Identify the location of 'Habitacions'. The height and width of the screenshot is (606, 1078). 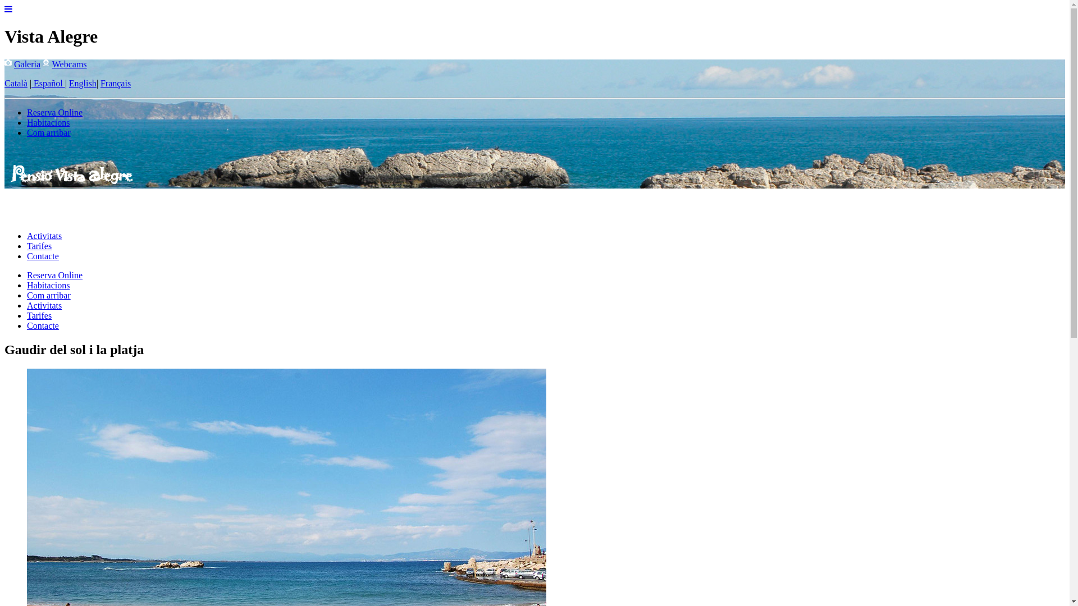
(48, 284).